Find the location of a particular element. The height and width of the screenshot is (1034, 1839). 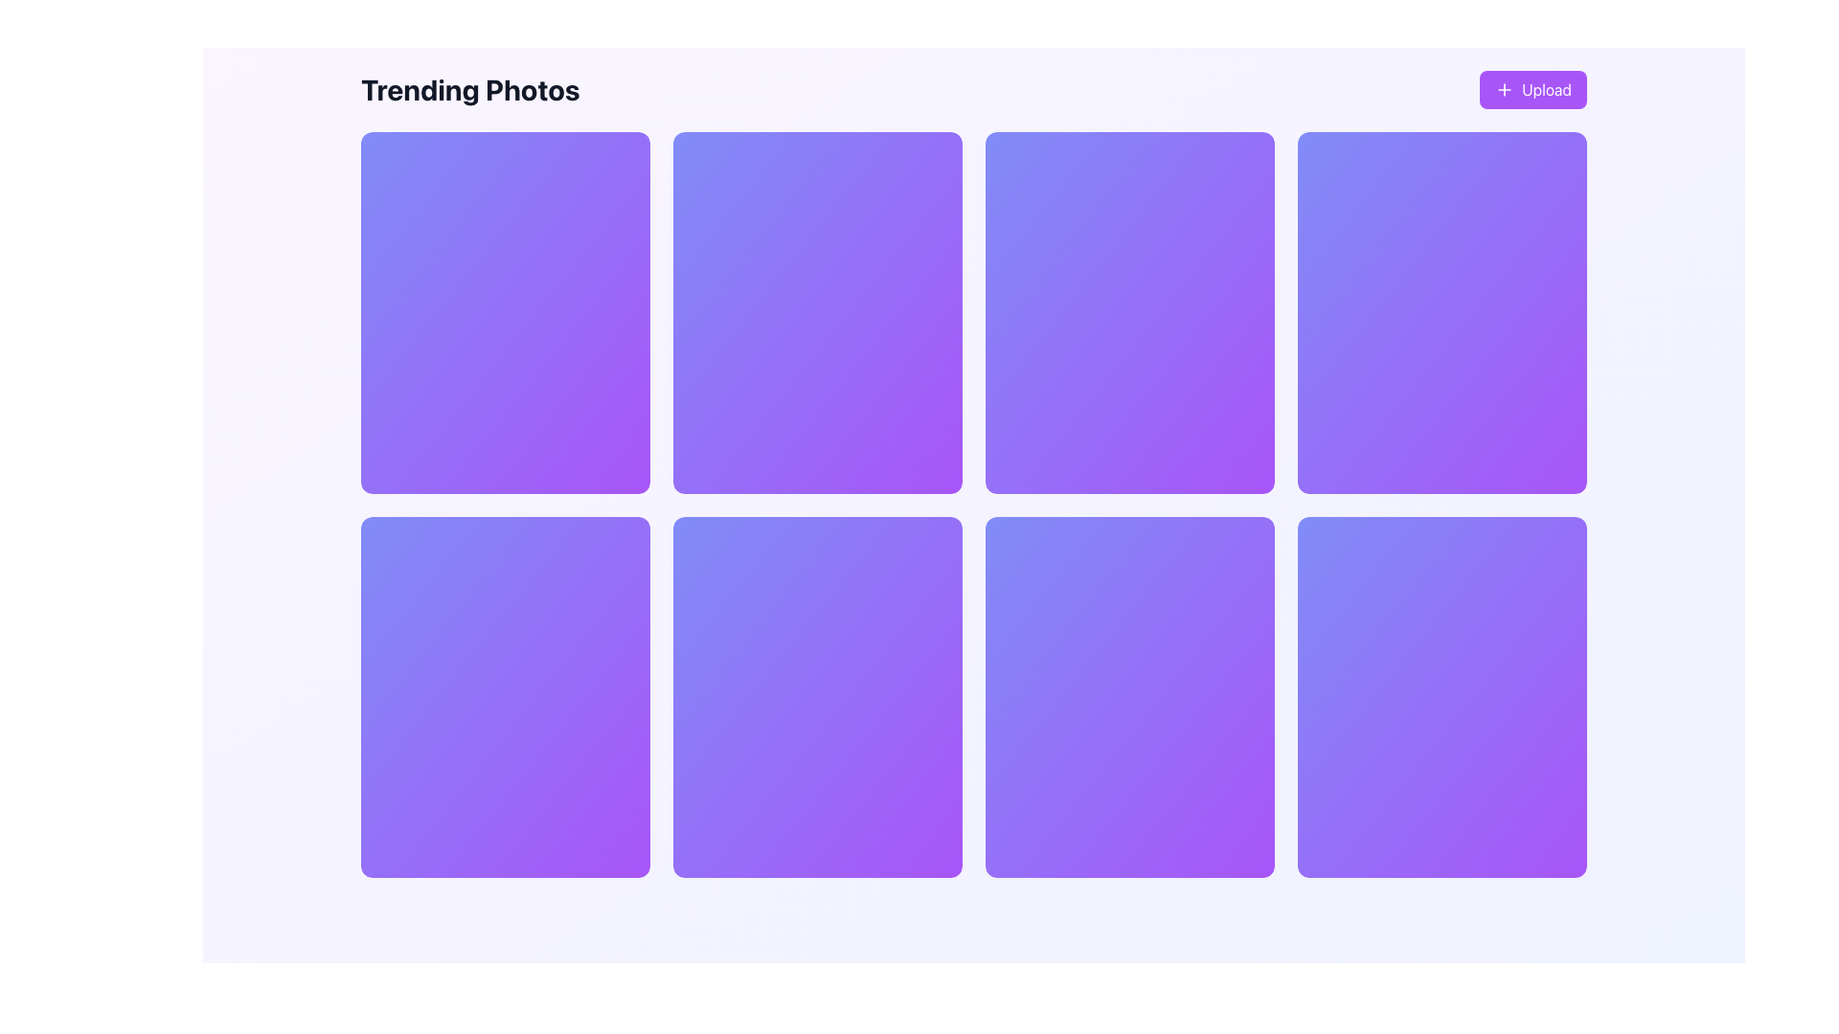

the action buttons located in the top-right corner of the bottom-right card in the grid layout is located at coordinates (1516, 546).